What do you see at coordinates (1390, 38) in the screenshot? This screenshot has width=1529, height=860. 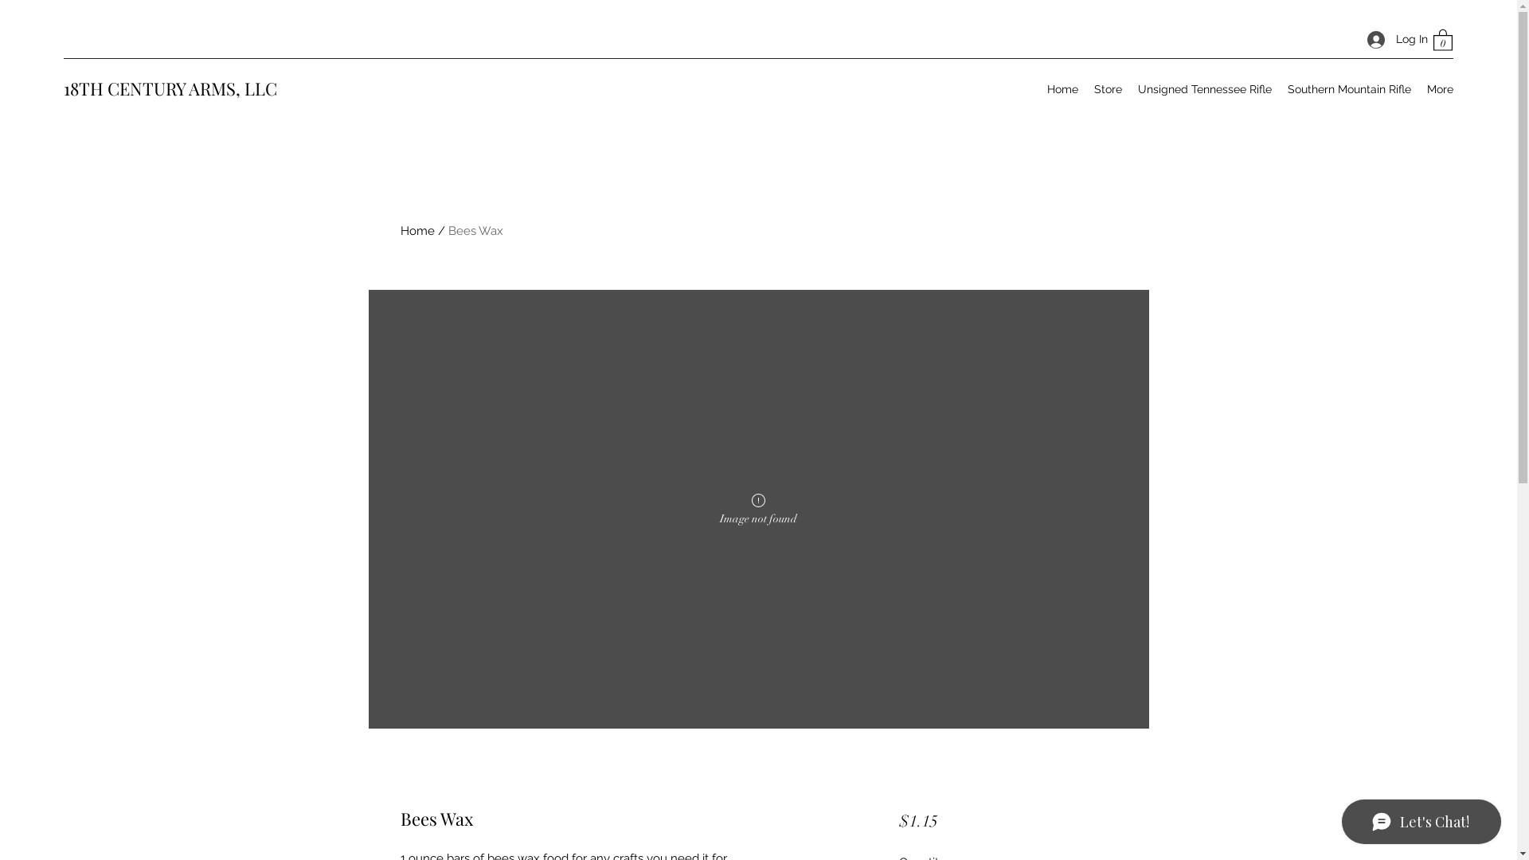 I see `'Log In'` at bounding box center [1390, 38].